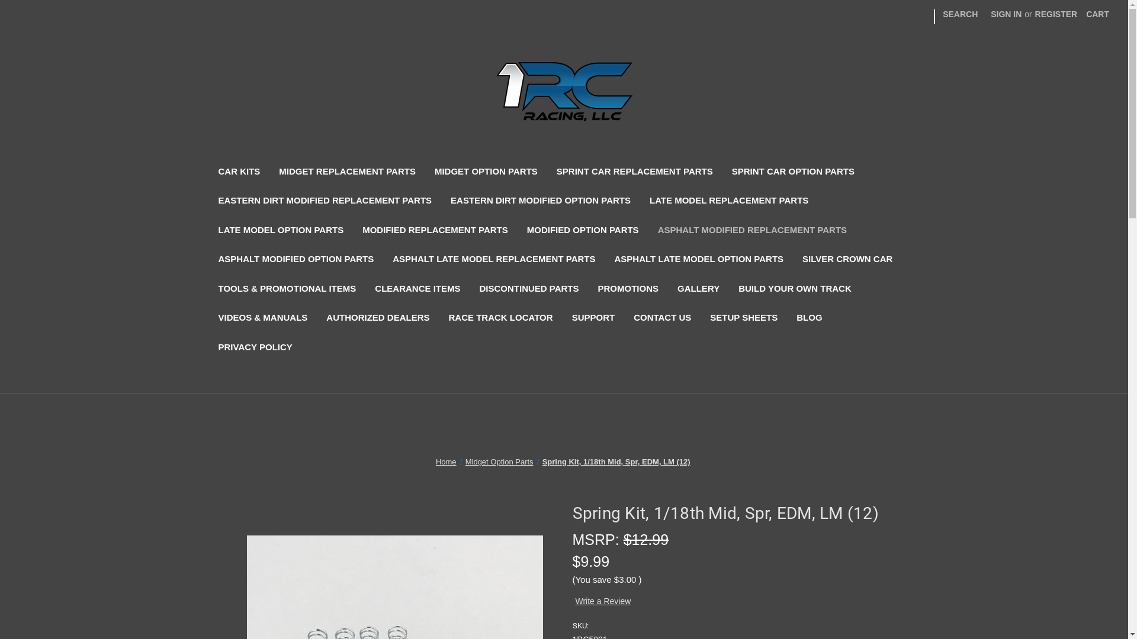 Image resolution: width=1137 pixels, height=639 pixels. Describe the element at coordinates (494, 260) in the screenshot. I see `'ASPHALT LATE MODEL REPLACEMENT PARTS'` at that location.